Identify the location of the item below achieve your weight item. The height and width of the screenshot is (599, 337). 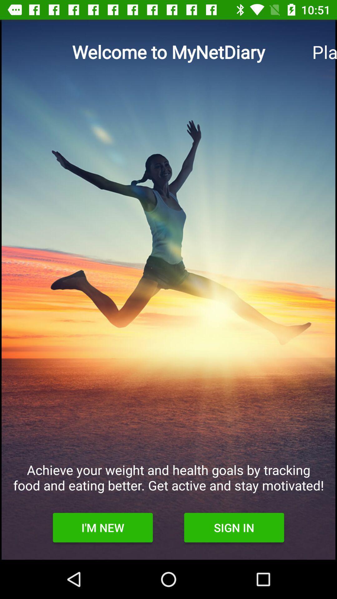
(234, 527).